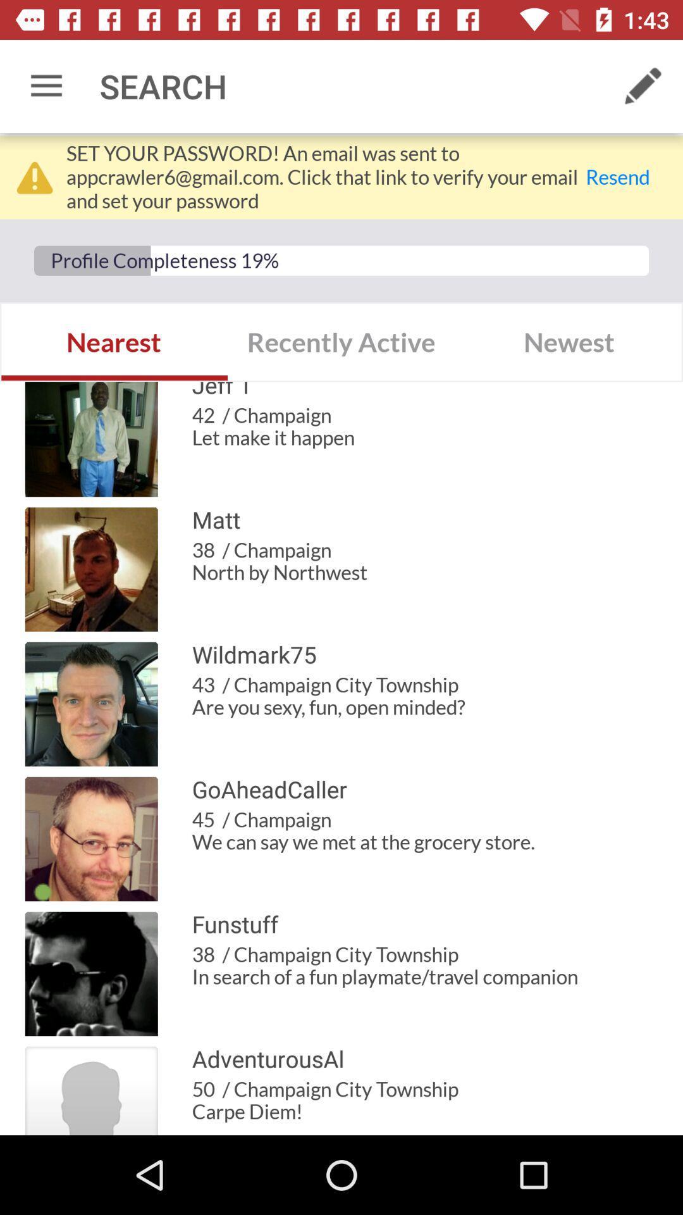 Image resolution: width=683 pixels, height=1215 pixels. I want to click on the logo beside adventurousai, so click(91, 1090).